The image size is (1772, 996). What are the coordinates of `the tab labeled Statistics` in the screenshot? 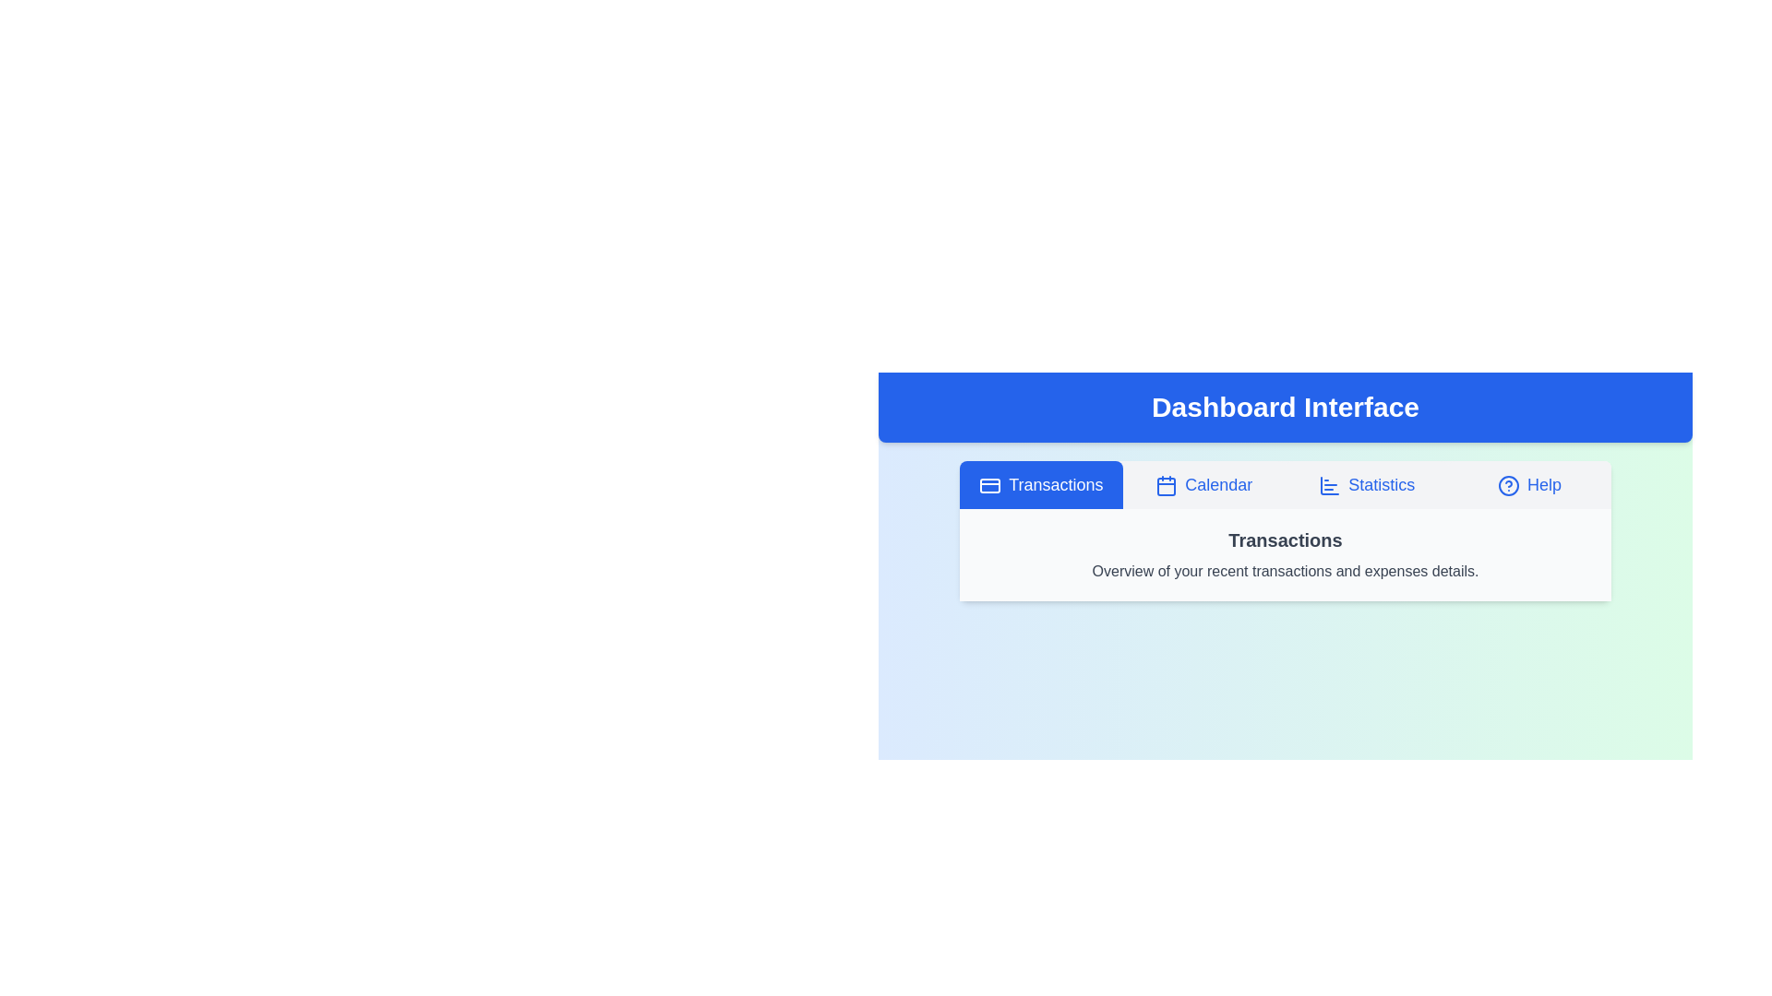 It's located at (1367, 483).